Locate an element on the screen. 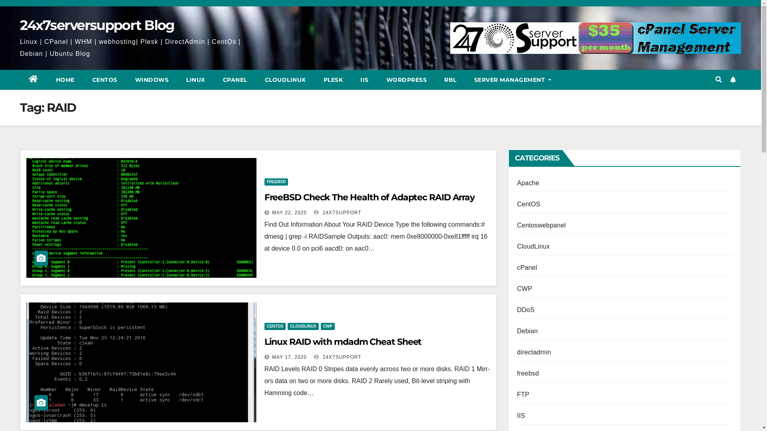 This screenshot has height=431, width=767. 'HOME' is located at coordinates (65, 80).